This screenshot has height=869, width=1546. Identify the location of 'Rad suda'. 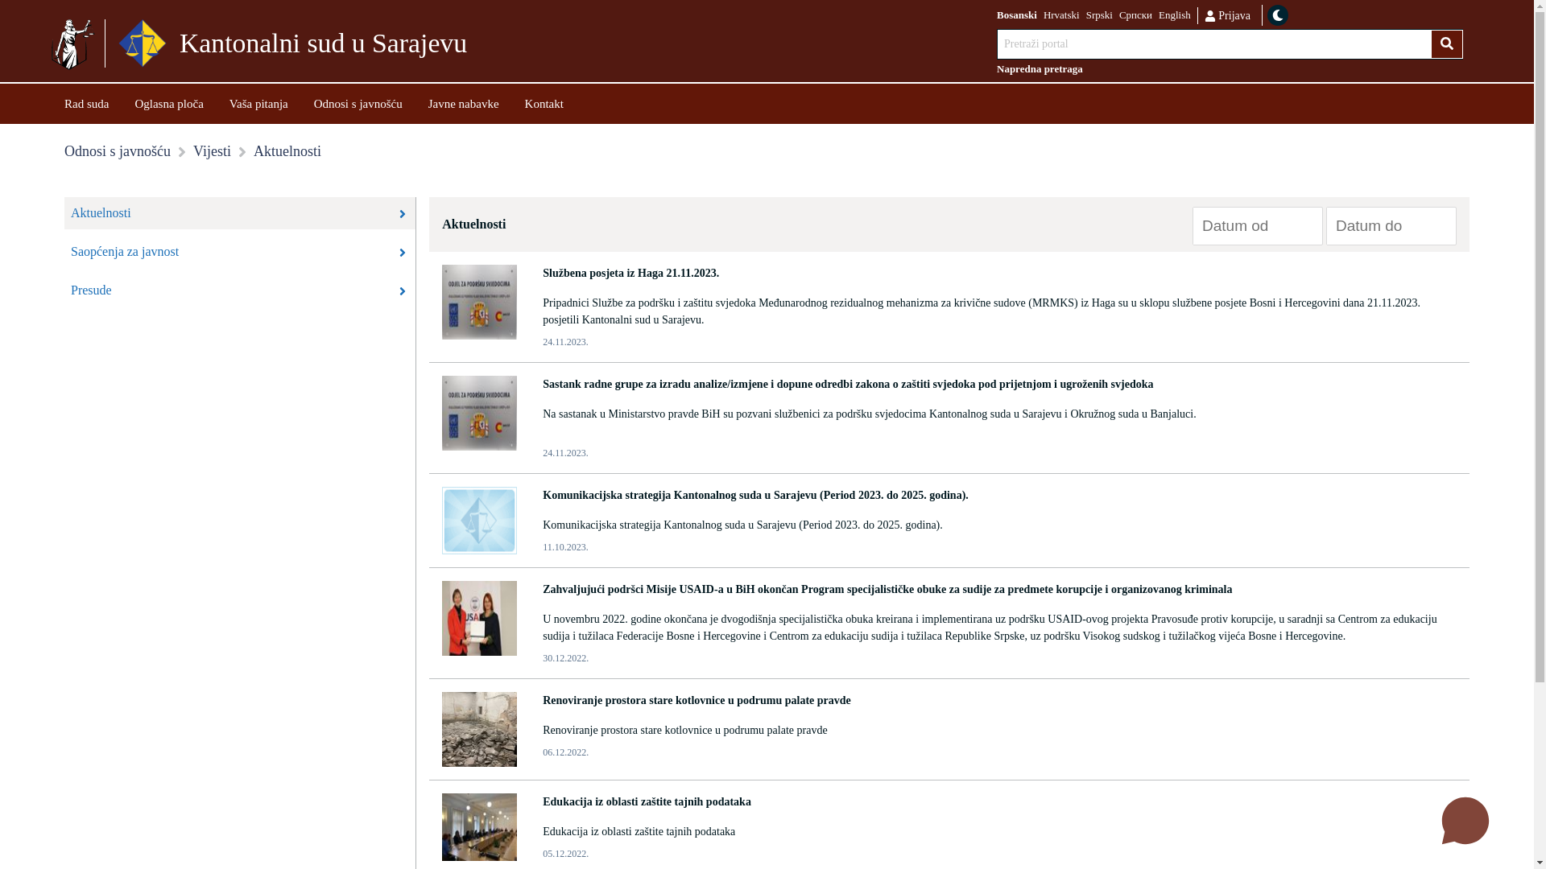
(51, 103).